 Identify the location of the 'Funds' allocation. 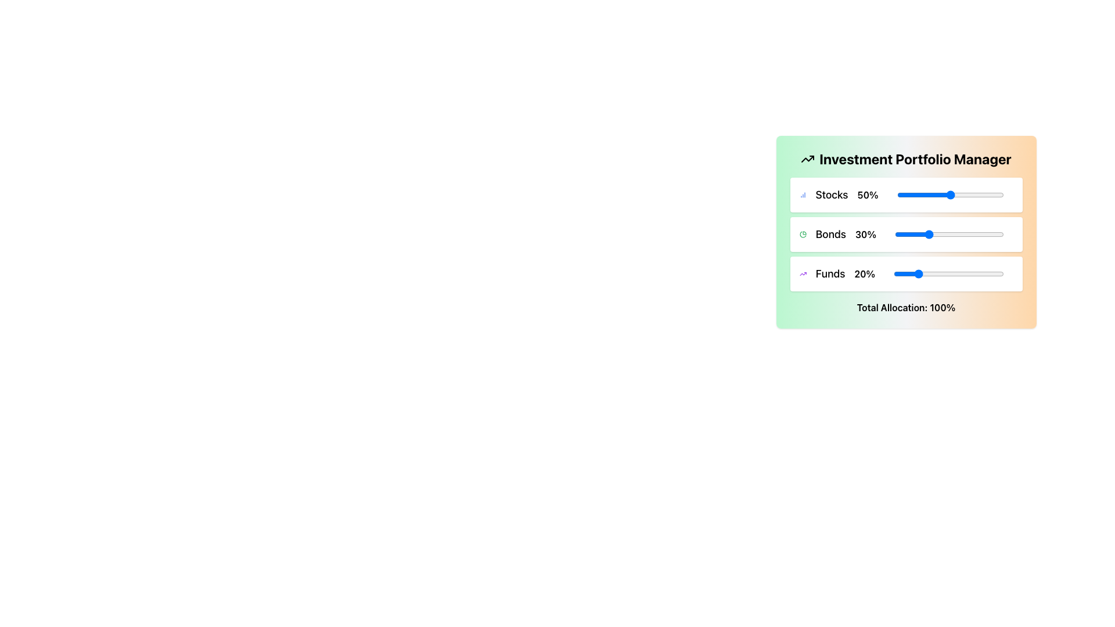
(984, 273).